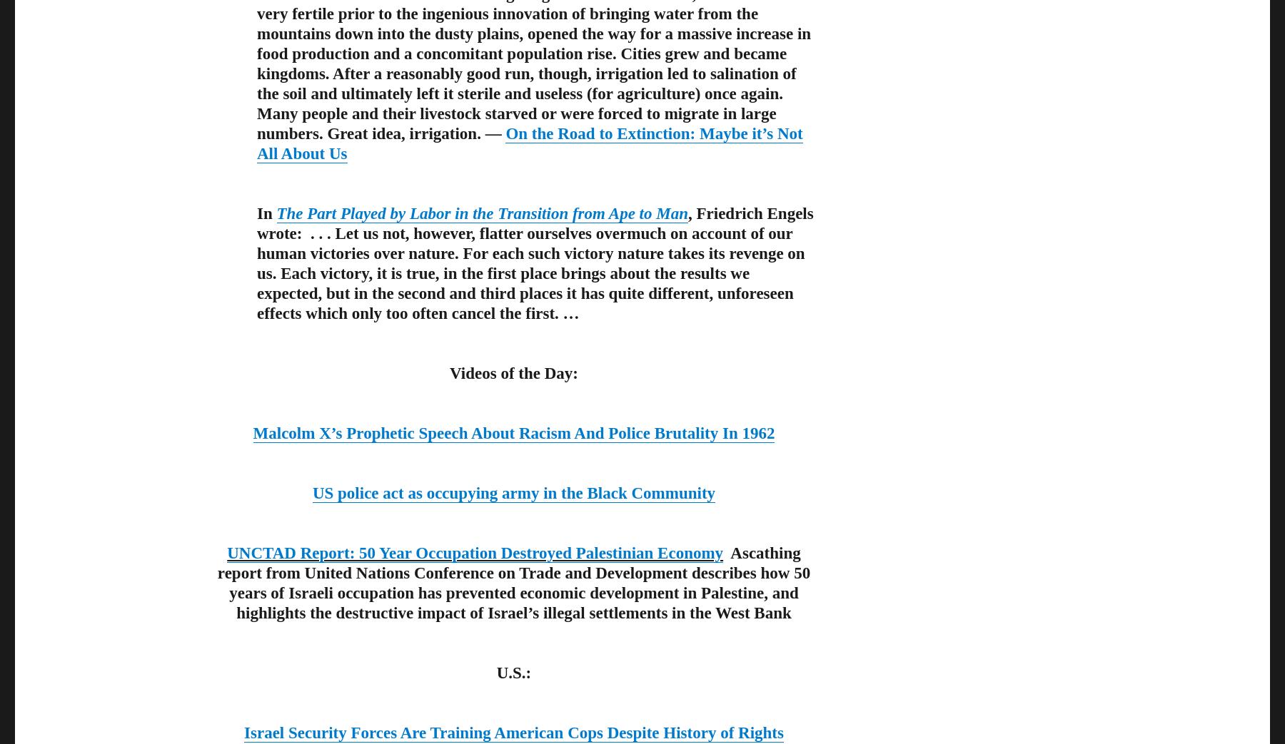 The width and height of the screenshot is (1285, 744). What do you see at coordinates (266, 213) in the screenshot?
I see `'In'` at bounding box center [266, 213].